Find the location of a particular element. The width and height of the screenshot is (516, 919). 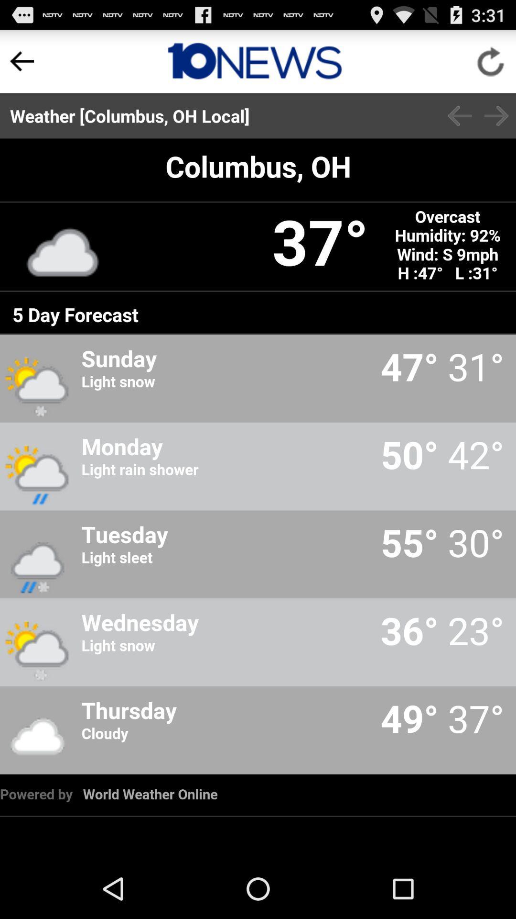

refresh page is located at coordinates (491, 61).